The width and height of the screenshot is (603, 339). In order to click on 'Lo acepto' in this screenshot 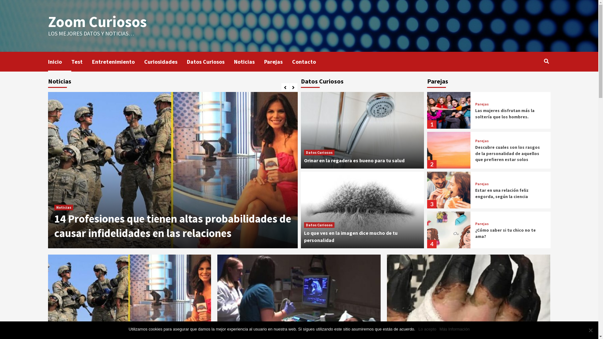, I will do `click(418, 329)`.